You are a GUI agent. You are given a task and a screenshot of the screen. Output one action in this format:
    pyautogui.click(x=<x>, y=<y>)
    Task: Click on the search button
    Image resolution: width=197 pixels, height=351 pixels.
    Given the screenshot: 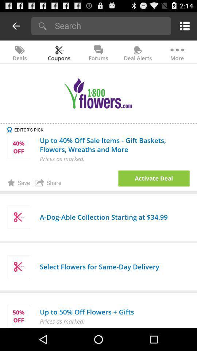 What is the action you would take?
    pyautogui.click(x=110, y=25)
    